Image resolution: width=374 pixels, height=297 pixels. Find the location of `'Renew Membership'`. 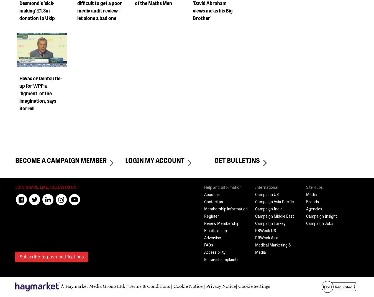

'Renew Membership' is located at coordinates (222, 223).